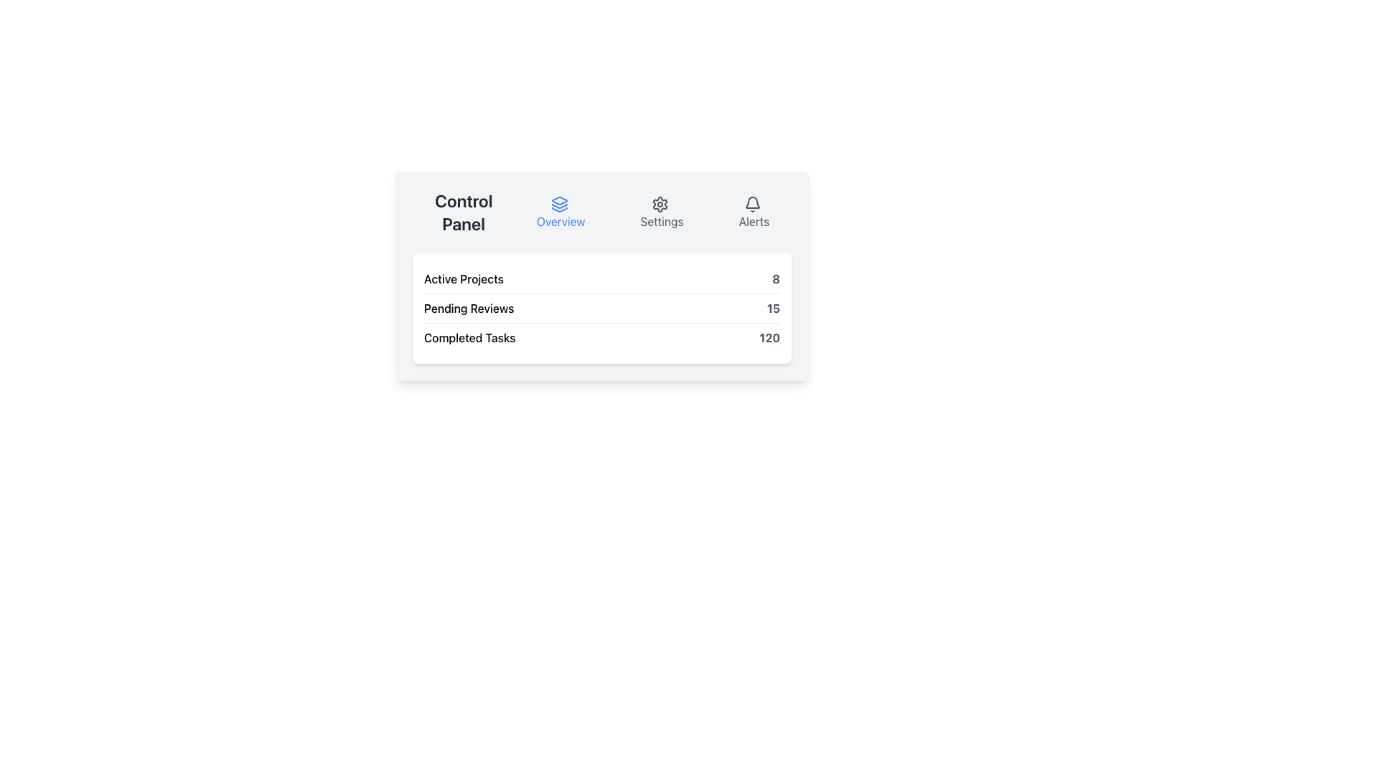  Describe the element at coordinates (751, 204) in the screenshot. I see `the bell-shaped icon located in the top-right corner of the control panel interface` at that location.